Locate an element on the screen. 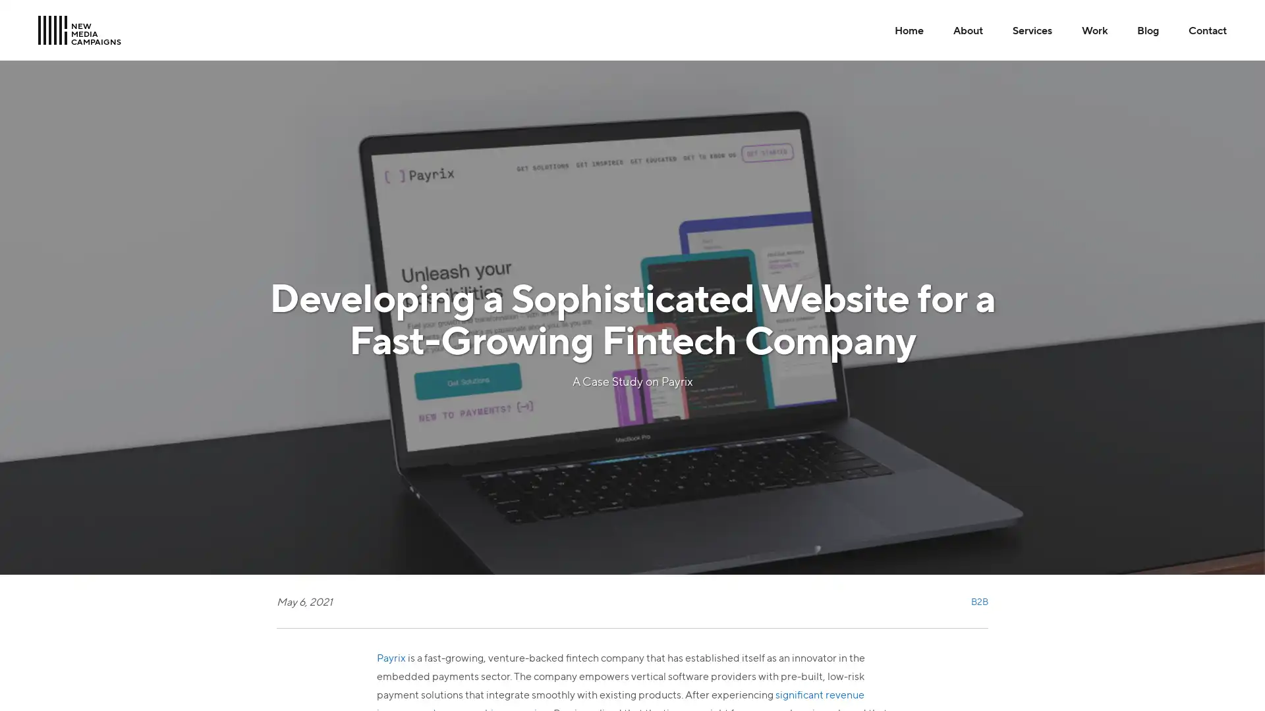  Skip to Main Content is located at coordinates (13, 13).